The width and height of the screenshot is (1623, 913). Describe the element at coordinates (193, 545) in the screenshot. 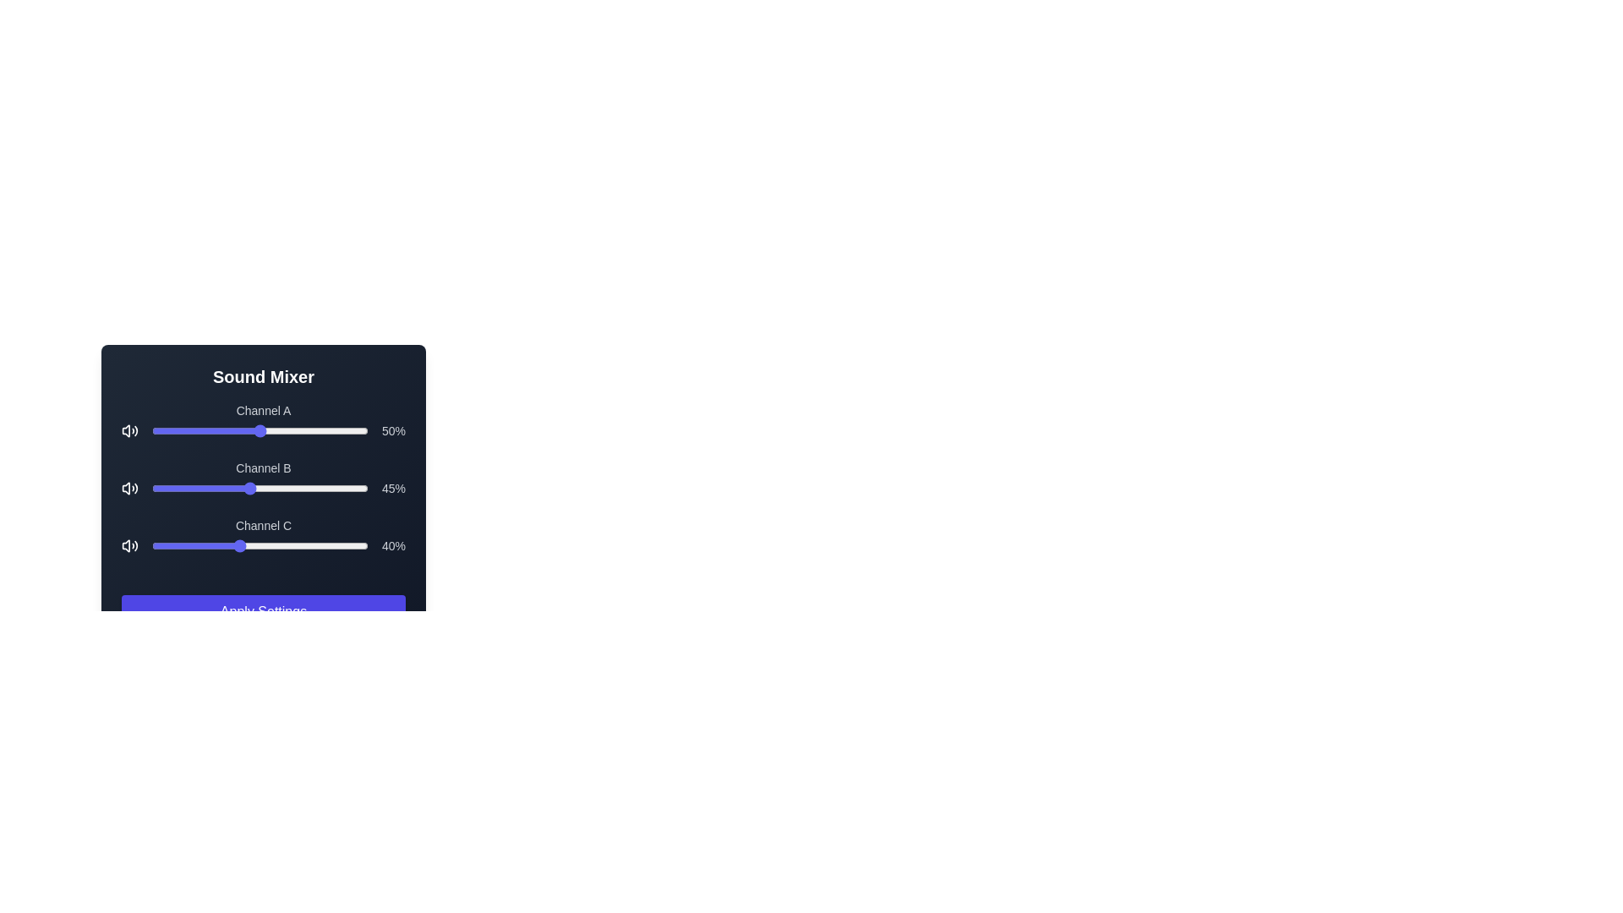

I see `Channel C volume` at that location.